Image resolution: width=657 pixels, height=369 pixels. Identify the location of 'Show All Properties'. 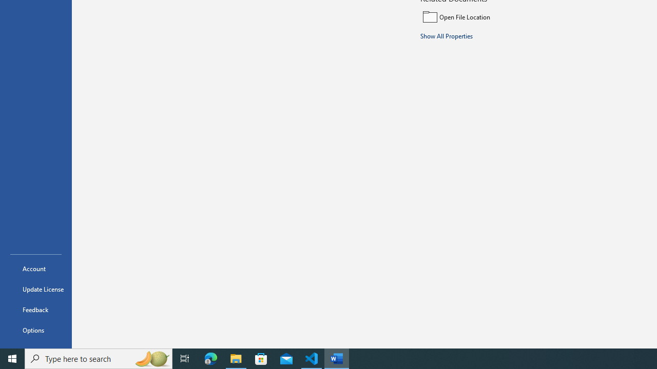
(447, 35).